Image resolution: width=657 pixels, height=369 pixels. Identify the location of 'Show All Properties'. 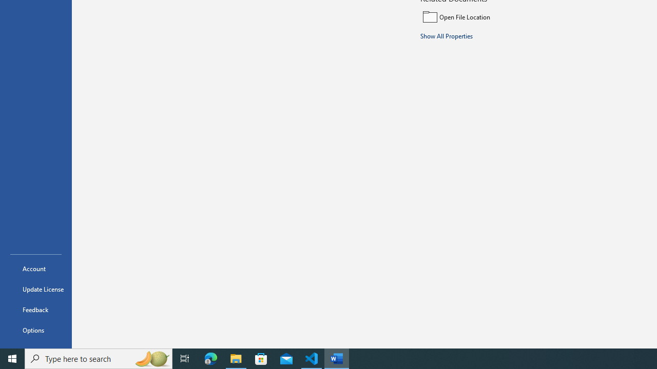
(447, 35).